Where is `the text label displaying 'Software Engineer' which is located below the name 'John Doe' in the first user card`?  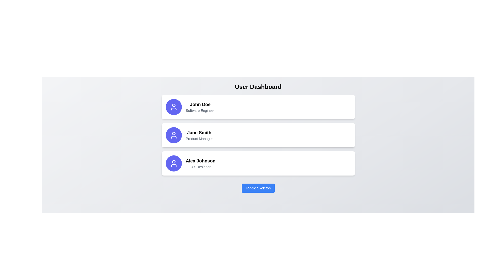 the text label displaying 'Software Engineer' which is located below the name 'John Doe' in the first user card is located at coordinates (200, 110).